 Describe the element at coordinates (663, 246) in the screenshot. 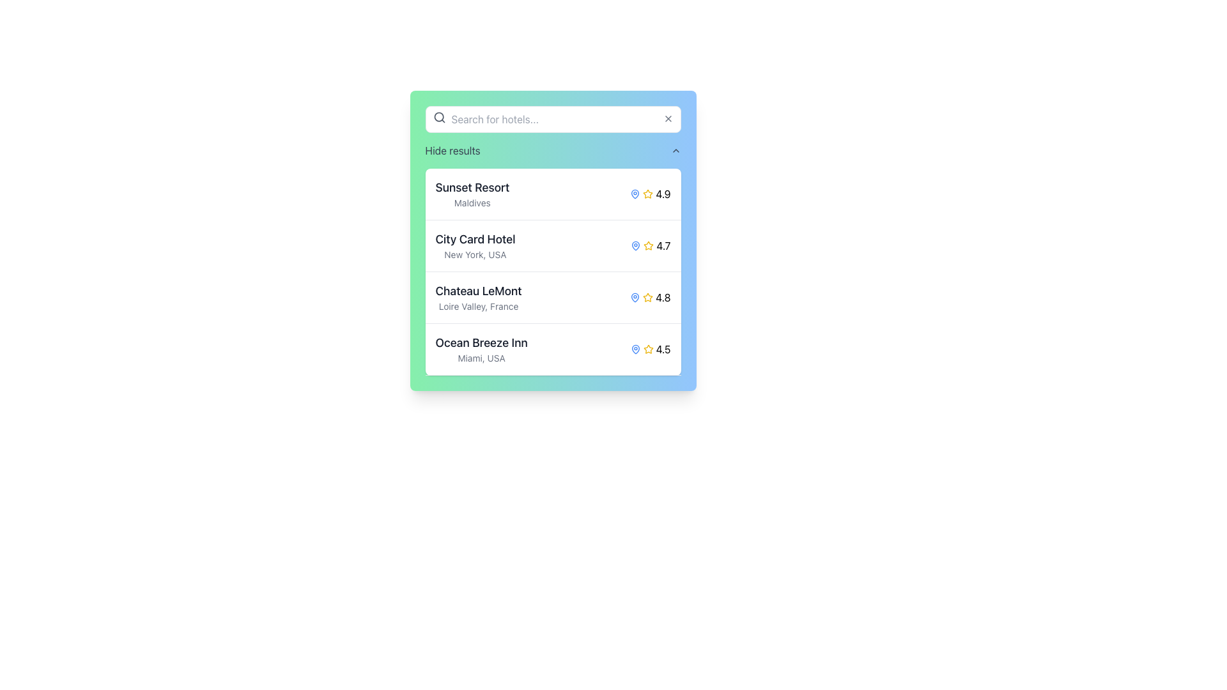

I see `displayed text of the hotel's rating located in the second row of the hotel list, adjacent to the yellow star icon for the 'City Card Hotel'` at that location.